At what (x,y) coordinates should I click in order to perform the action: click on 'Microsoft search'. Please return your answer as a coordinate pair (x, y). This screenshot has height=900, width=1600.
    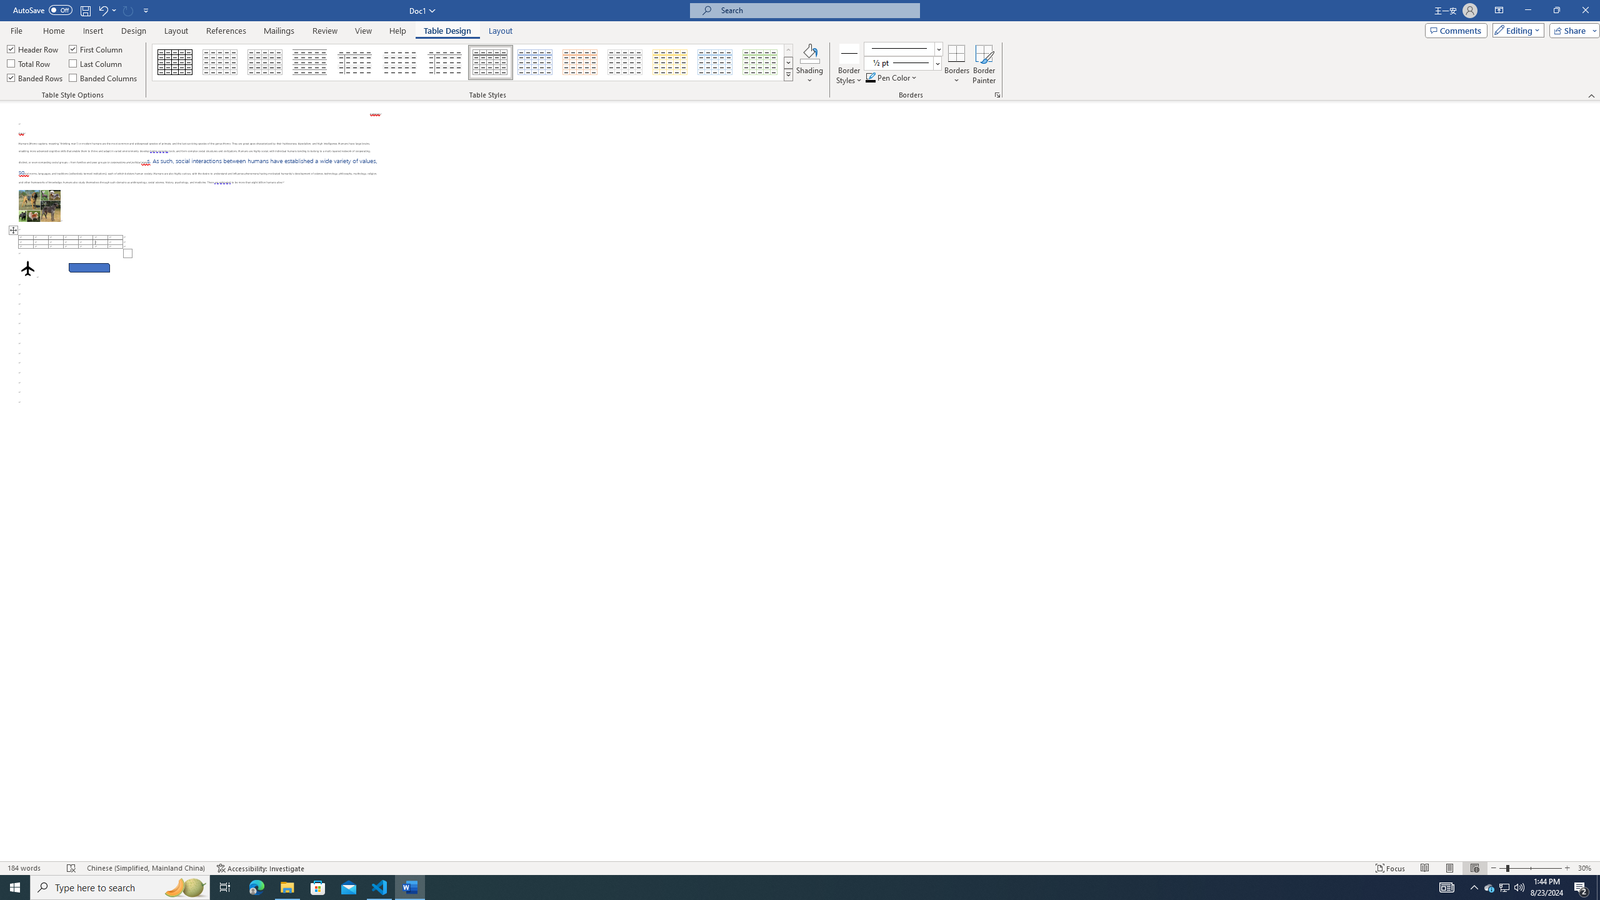
    Looking at the image, I should click on (815, 10).